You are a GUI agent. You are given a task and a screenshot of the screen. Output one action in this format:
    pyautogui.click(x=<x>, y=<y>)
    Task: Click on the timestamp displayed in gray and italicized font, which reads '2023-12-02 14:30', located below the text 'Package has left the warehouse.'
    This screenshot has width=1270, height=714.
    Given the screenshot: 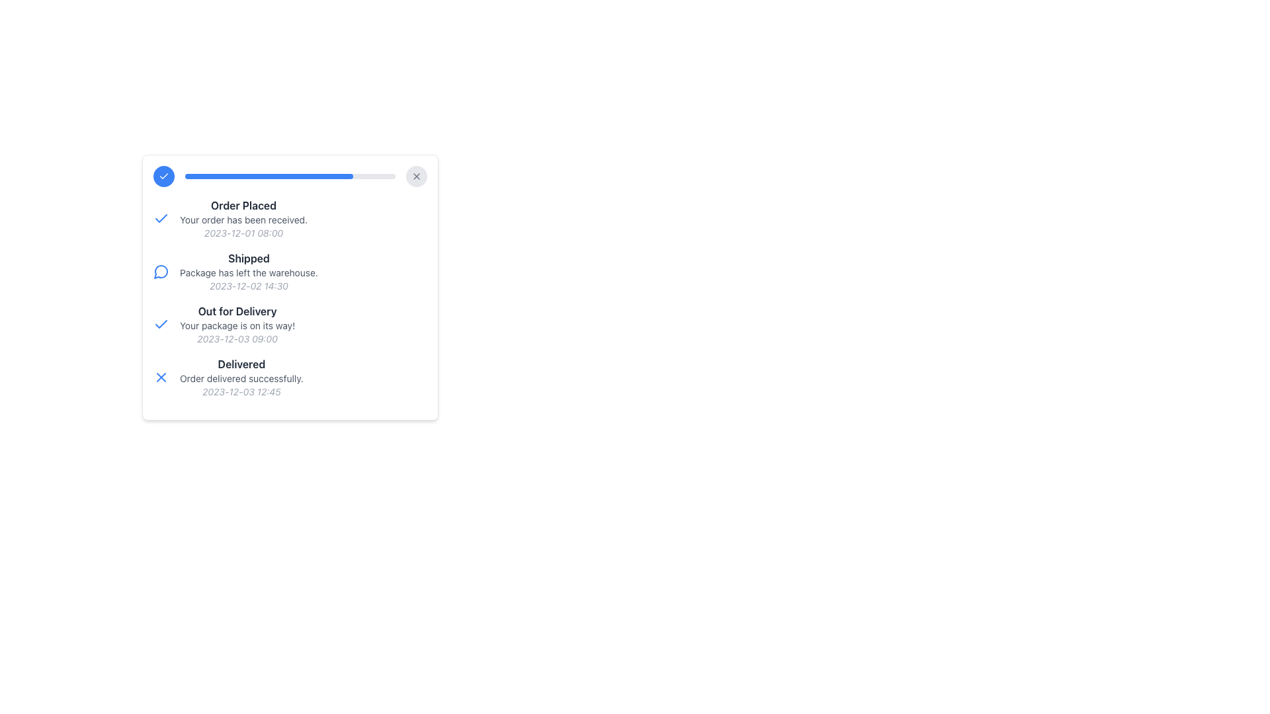 What is the action you would take?
    pyautogui.click(x=249, y=285)
    